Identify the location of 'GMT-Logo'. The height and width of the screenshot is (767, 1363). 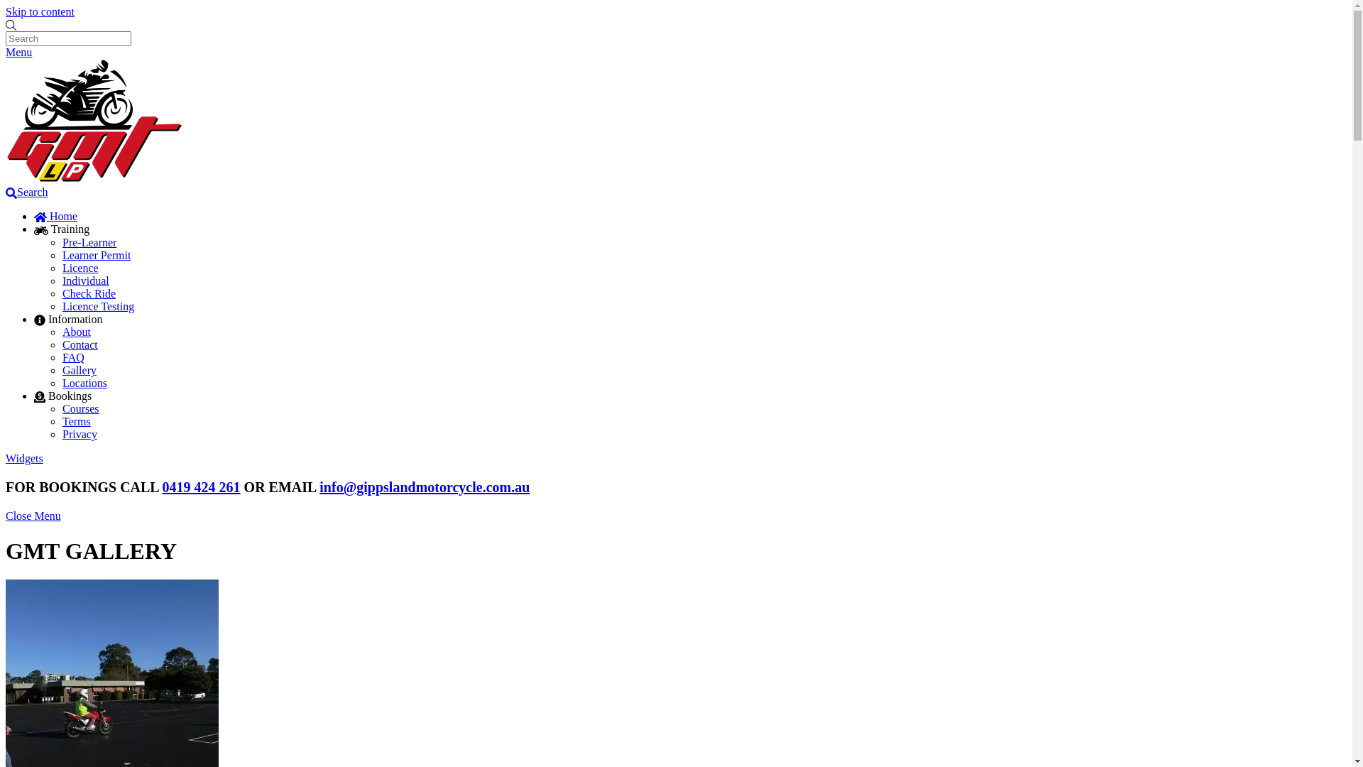
(94, 119).